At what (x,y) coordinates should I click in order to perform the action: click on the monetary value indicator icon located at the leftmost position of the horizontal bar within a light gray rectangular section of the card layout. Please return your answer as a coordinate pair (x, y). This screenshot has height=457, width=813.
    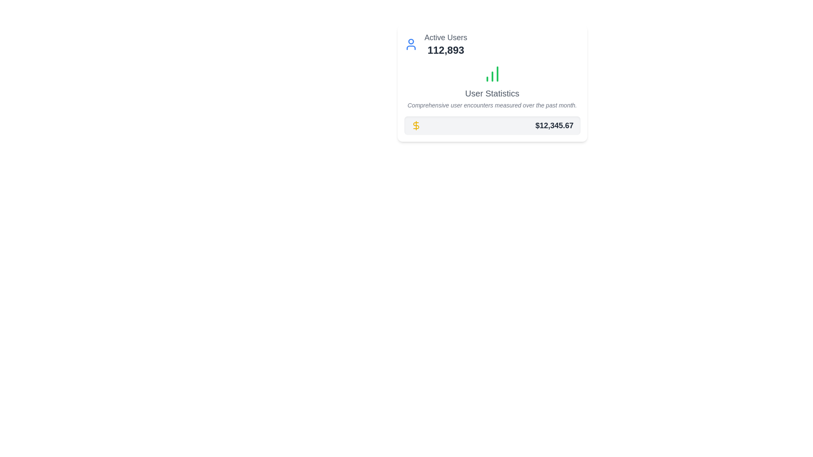
    Looking at the image, I should click on (416, 126).